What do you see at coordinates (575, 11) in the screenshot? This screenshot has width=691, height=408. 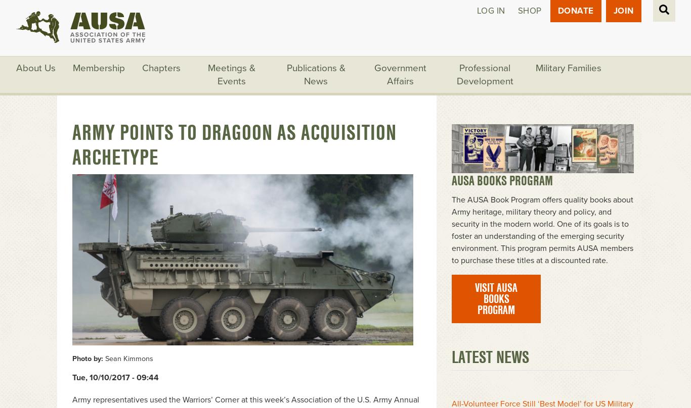 I see `'Donate'` at bounding box center [575, 11].